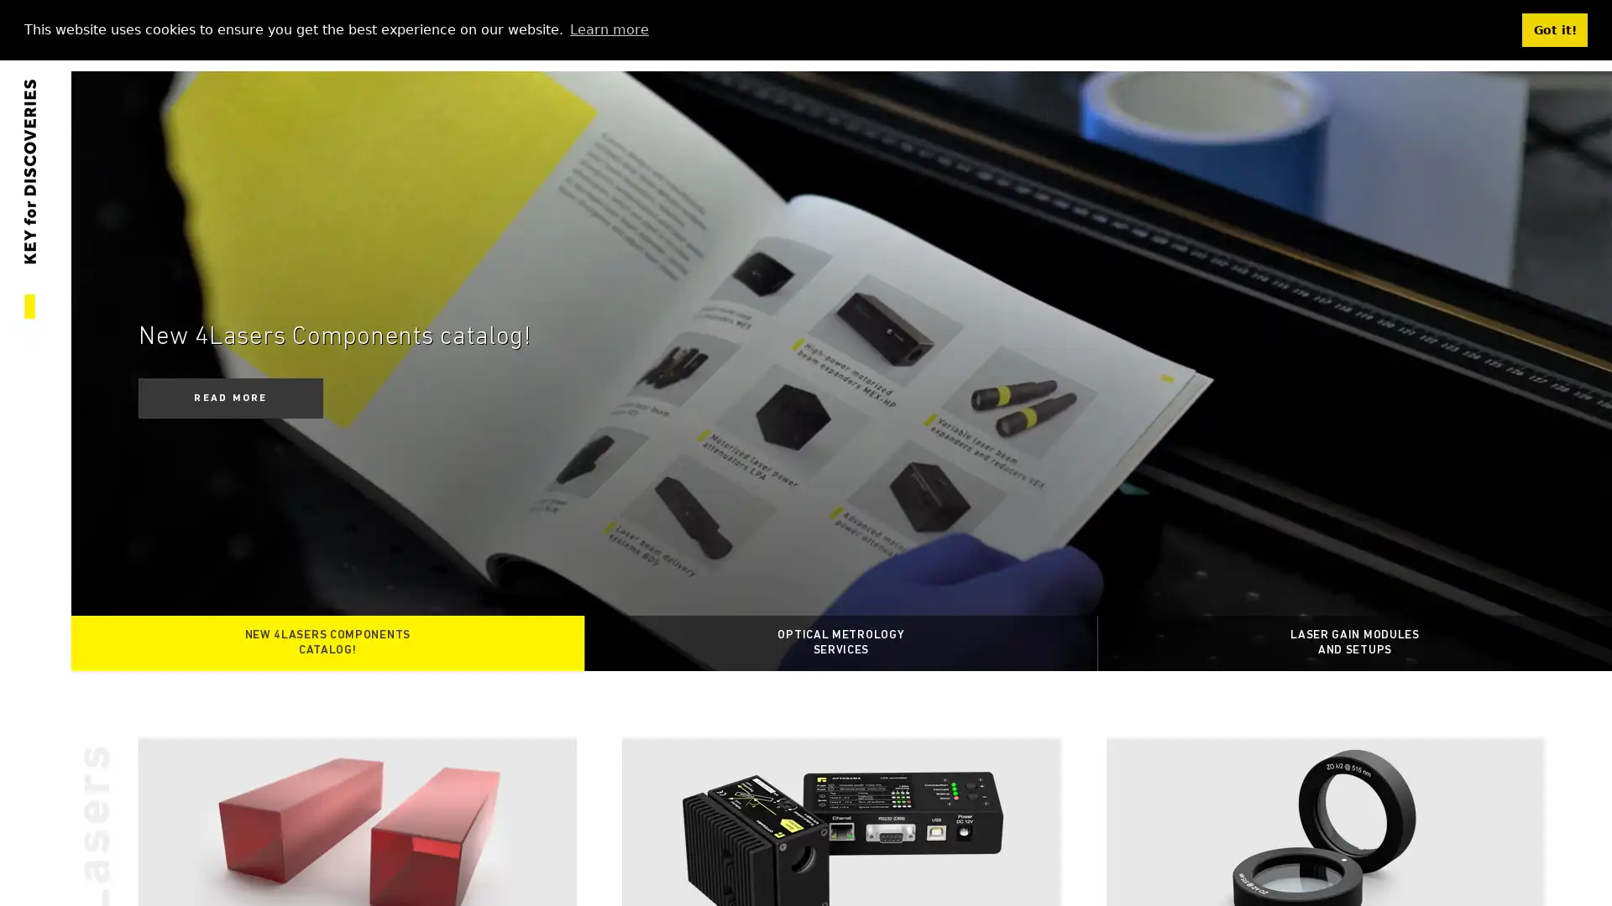 This screenshot has width=1612, height=906. I want to click on learn more about cookies, so click(608, 29).